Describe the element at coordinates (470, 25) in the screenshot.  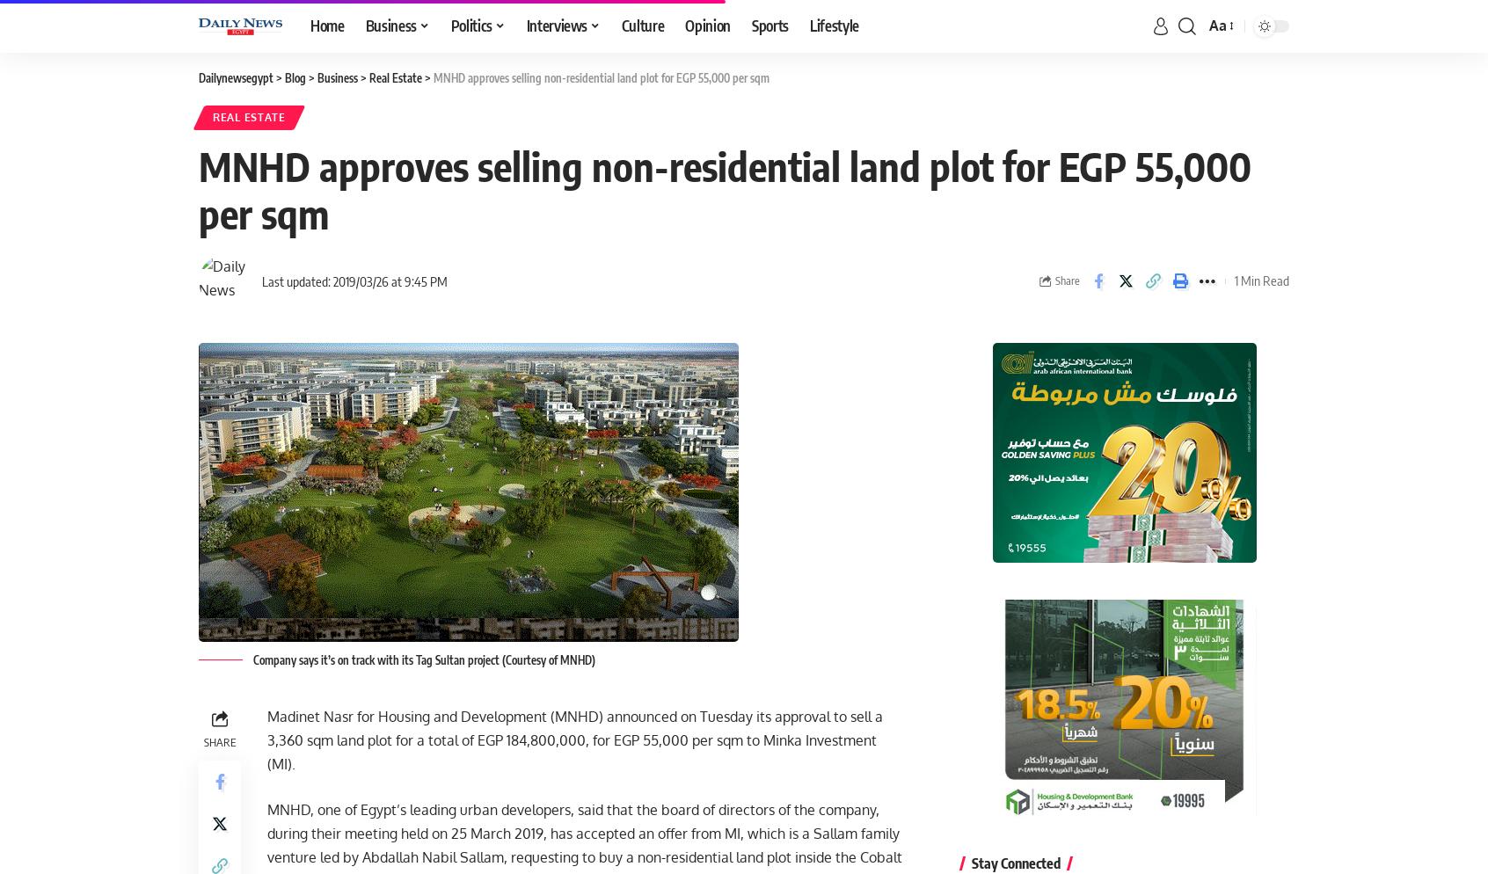
I see `'Politics'` at that location.